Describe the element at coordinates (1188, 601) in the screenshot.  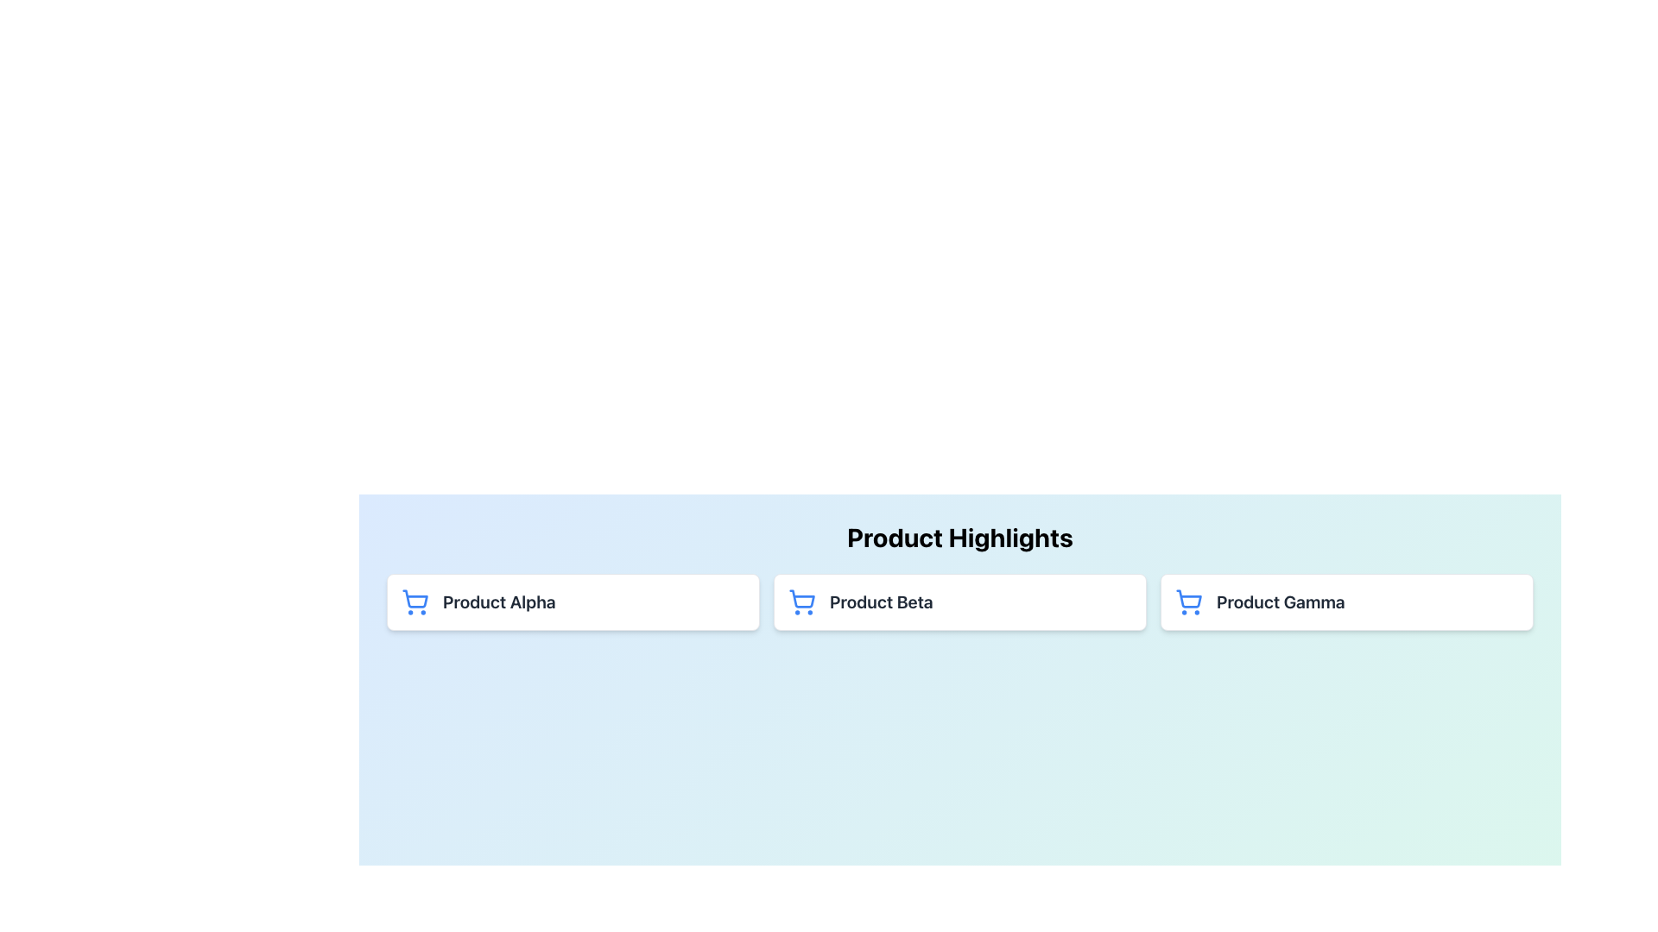
I see `the shopping cart icon with a blue outline located to the left of the text 'Product Gamma' in the third card of the 'Product Highlights' section` at that location.